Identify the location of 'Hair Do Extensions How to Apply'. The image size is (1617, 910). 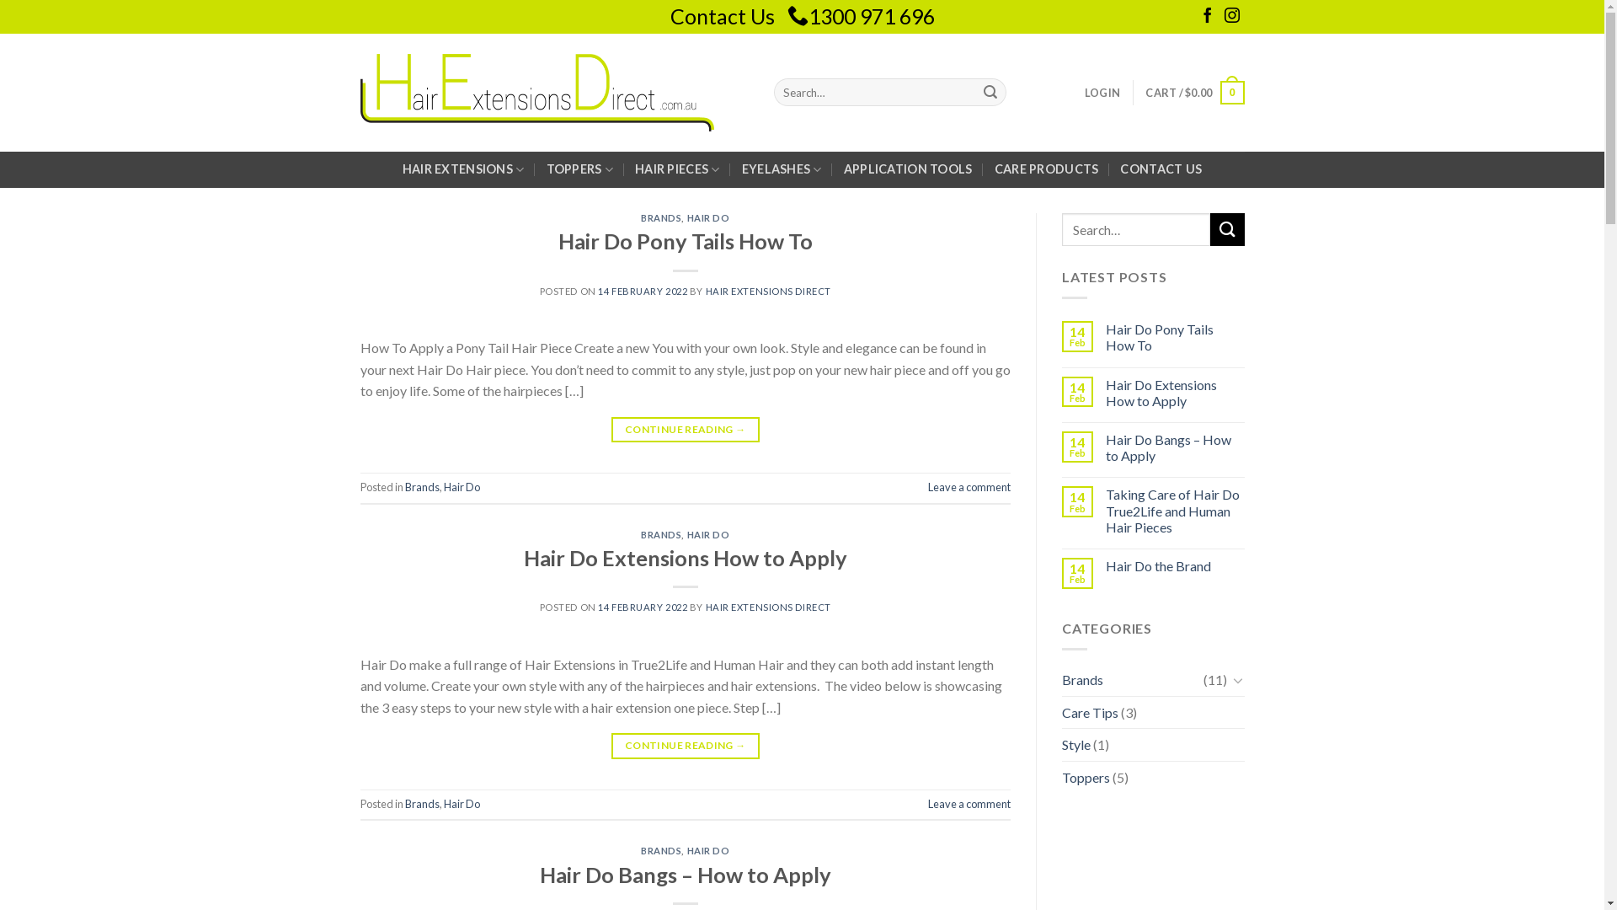
(686, 558).